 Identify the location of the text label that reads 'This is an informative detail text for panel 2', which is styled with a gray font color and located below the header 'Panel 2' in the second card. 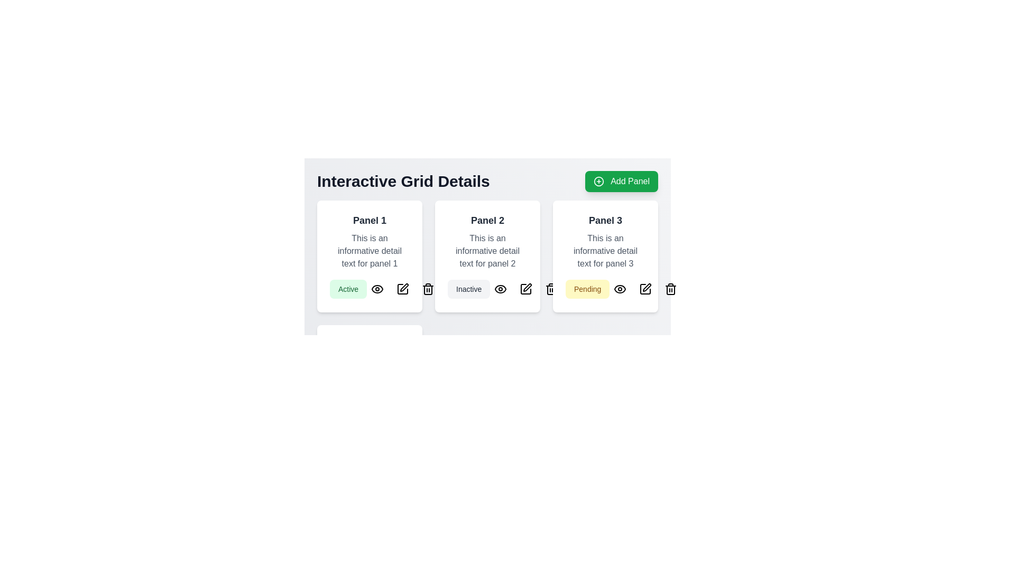
(487, 251).